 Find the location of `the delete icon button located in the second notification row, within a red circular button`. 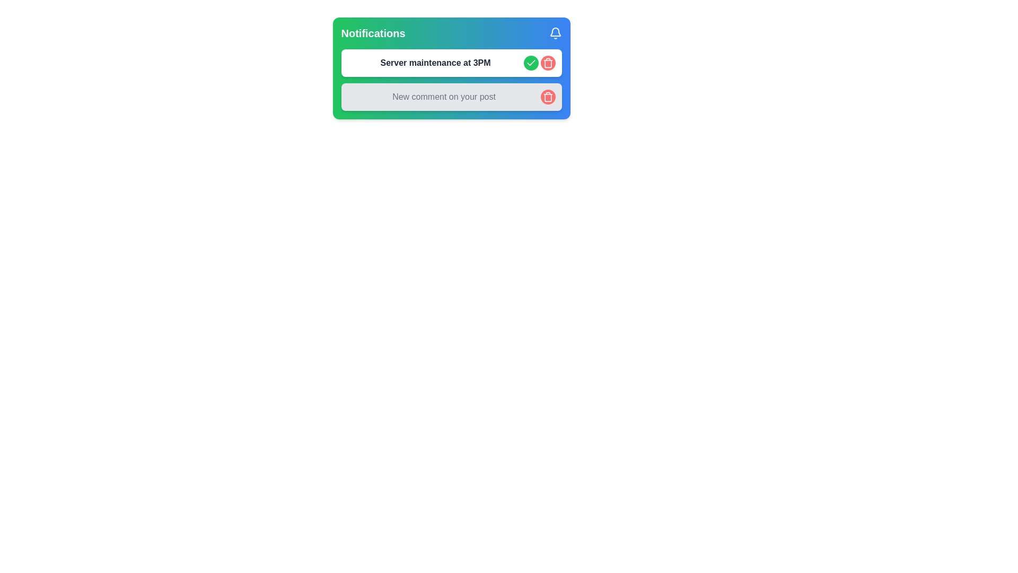

the delete icon button located in the second notification row, within a red circular button is located at coordinates (548, 63).